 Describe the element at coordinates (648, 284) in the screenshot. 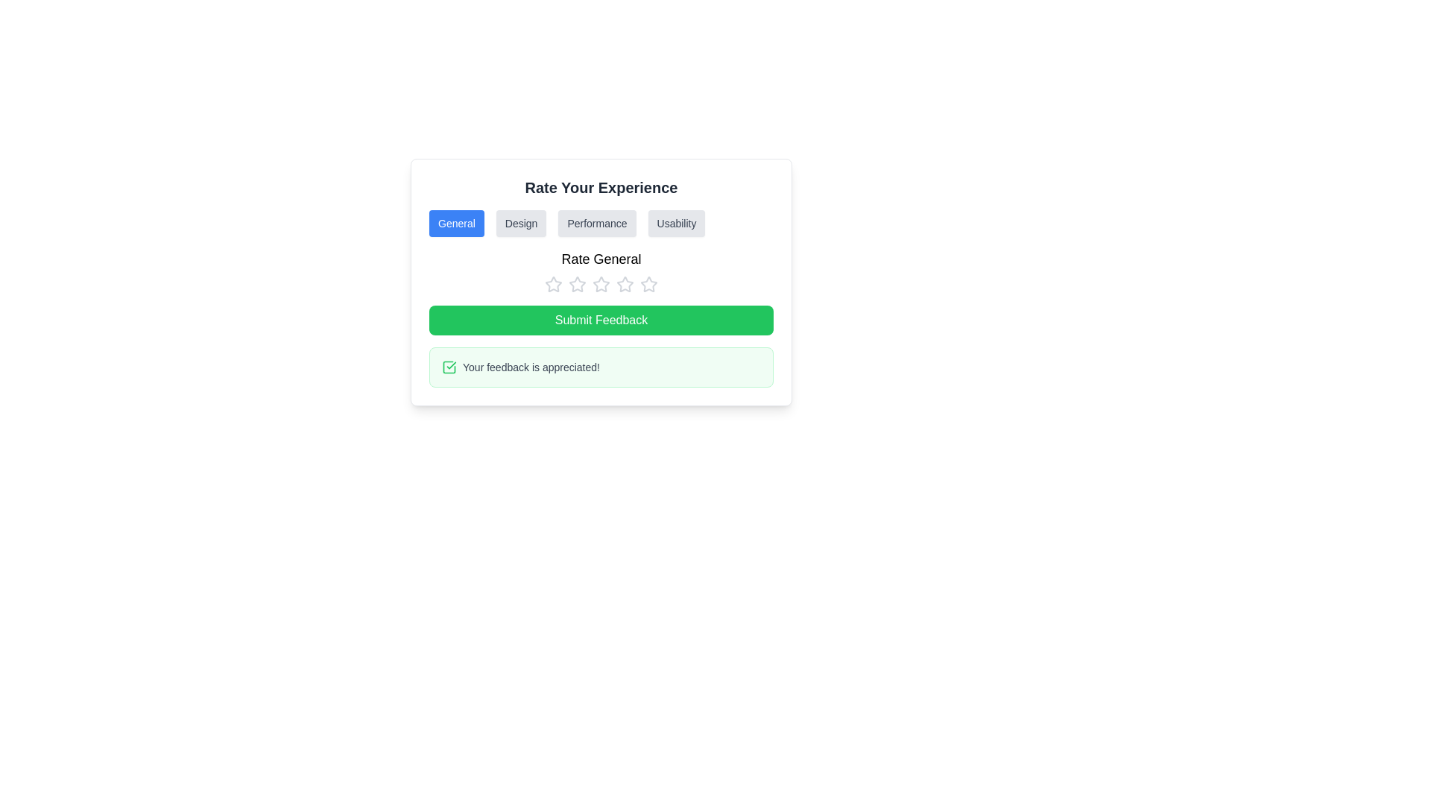

I see `the fifth star icon in the rating system under the text 'Rate General'` at that location.